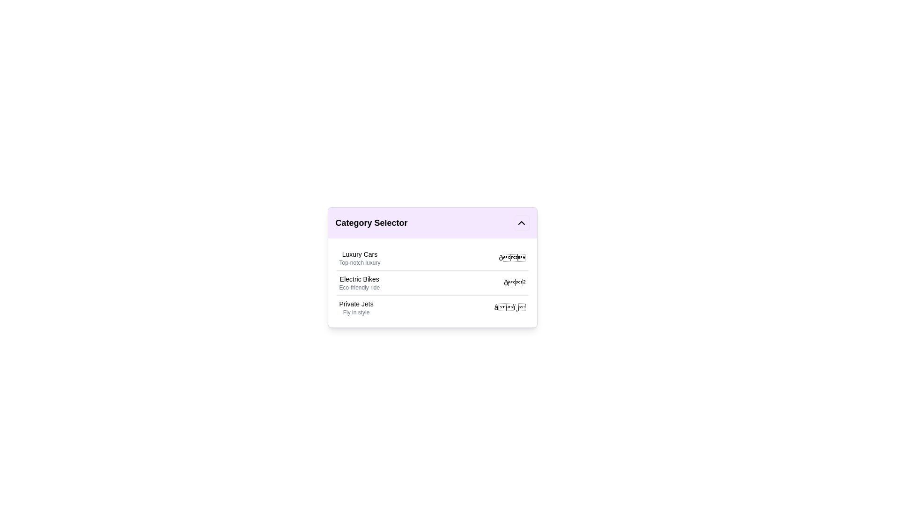 This screenshot has height=506, width=899. I want to click on the 'Electric Bikes' list item, which provides an overview of eco-friendly rides, so click(432, 283).